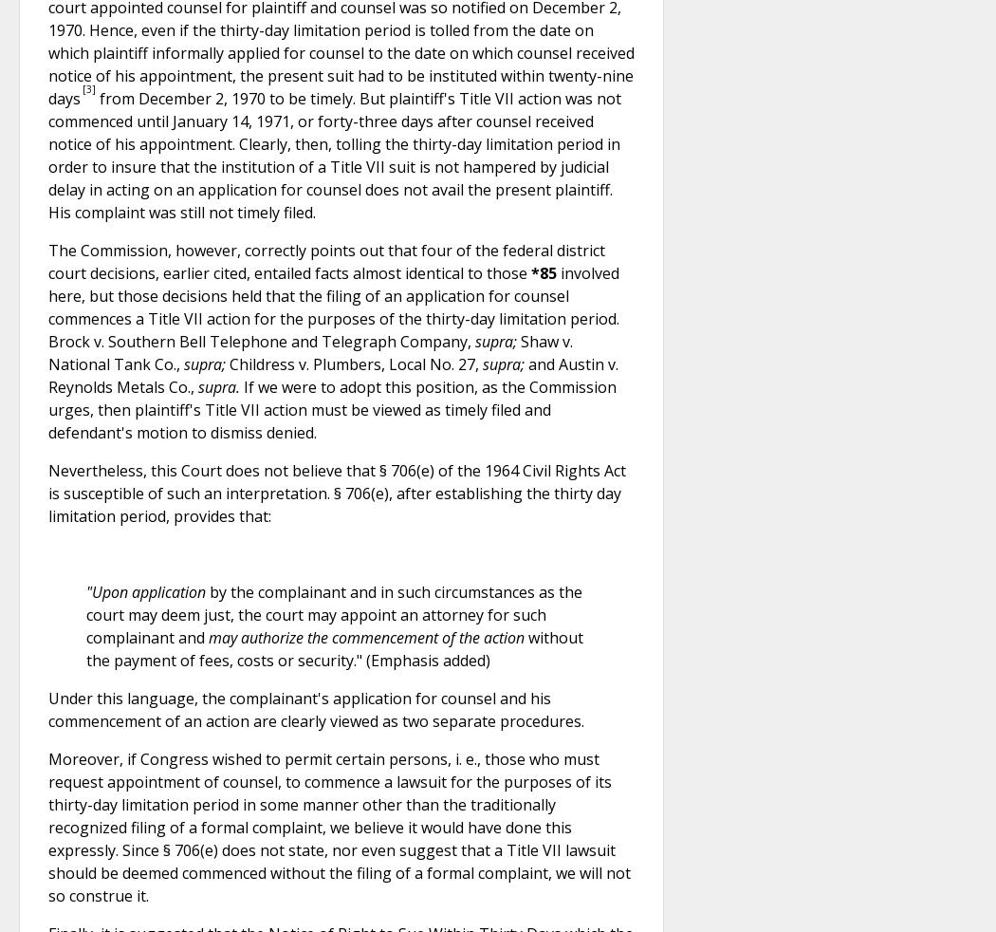 The width and height of the screenshot is (996, 932). What do you see at coordinates (339, 827) in the screenshot?
I see `'Moreover, if Congress wished to permit certain persons, i. e., those who must request appointment of counsel, to commence a lawsuit for the purposes of its thirty-day limitation period in some manner other than the traditionally recognized filing of a formal complaint, we believe it would have done this expressly. Since § 706(e) does not state, nor even suggest that a Title VII lawsuit should be deemed commenced without the filing of a formal complaint, we will not so construe it.'` at bounding box center [339, 827].